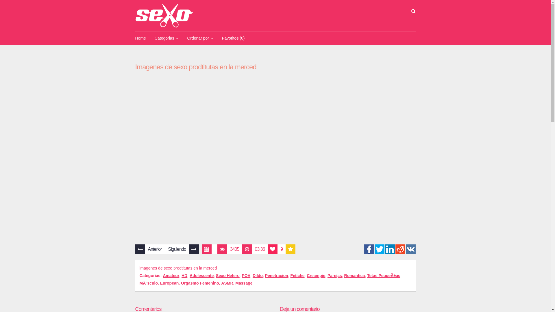 The height and width of the screenshot is (312, 555). Describe the element at coordinates (182, 249) in the screenshot. I see `'Siguiendo'` at that location.